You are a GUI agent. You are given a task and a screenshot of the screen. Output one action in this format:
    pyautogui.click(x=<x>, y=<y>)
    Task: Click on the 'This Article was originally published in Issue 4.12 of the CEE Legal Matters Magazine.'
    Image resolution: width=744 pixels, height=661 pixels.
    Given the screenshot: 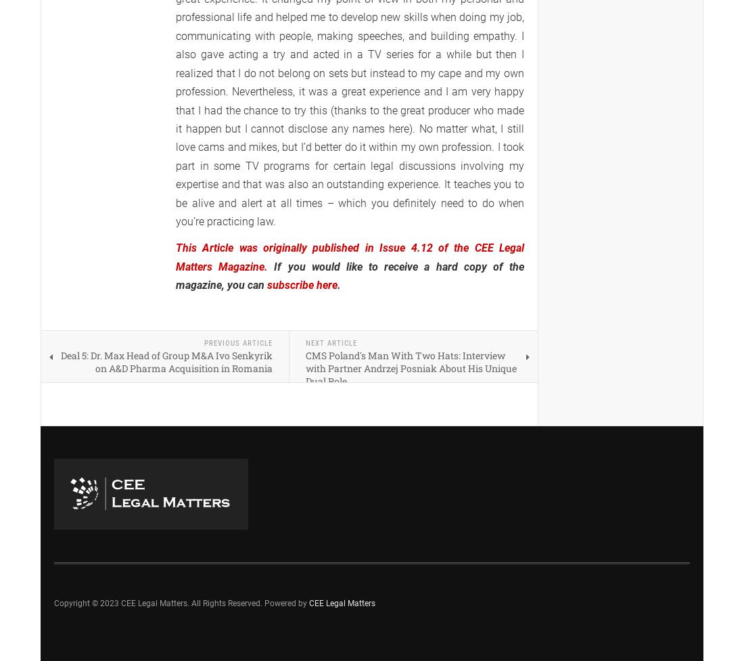 What is the action you would take?
    pyautogui.click(x=176, y=256)
    